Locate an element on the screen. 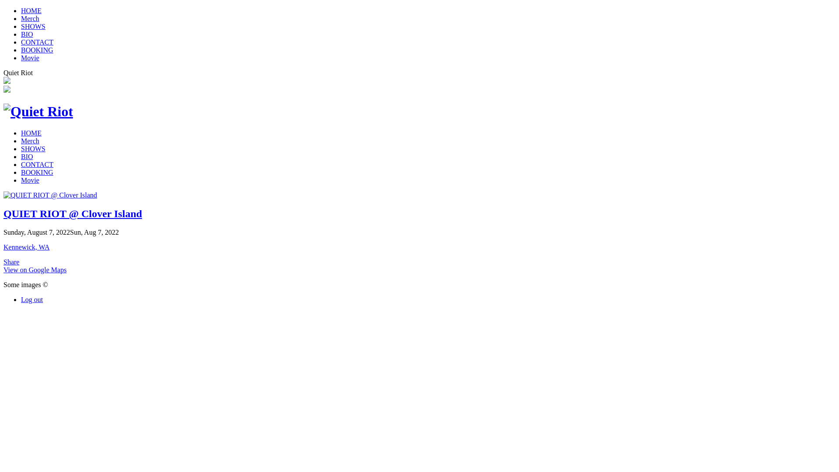  'BIO' is located at coordinates (27, 34).